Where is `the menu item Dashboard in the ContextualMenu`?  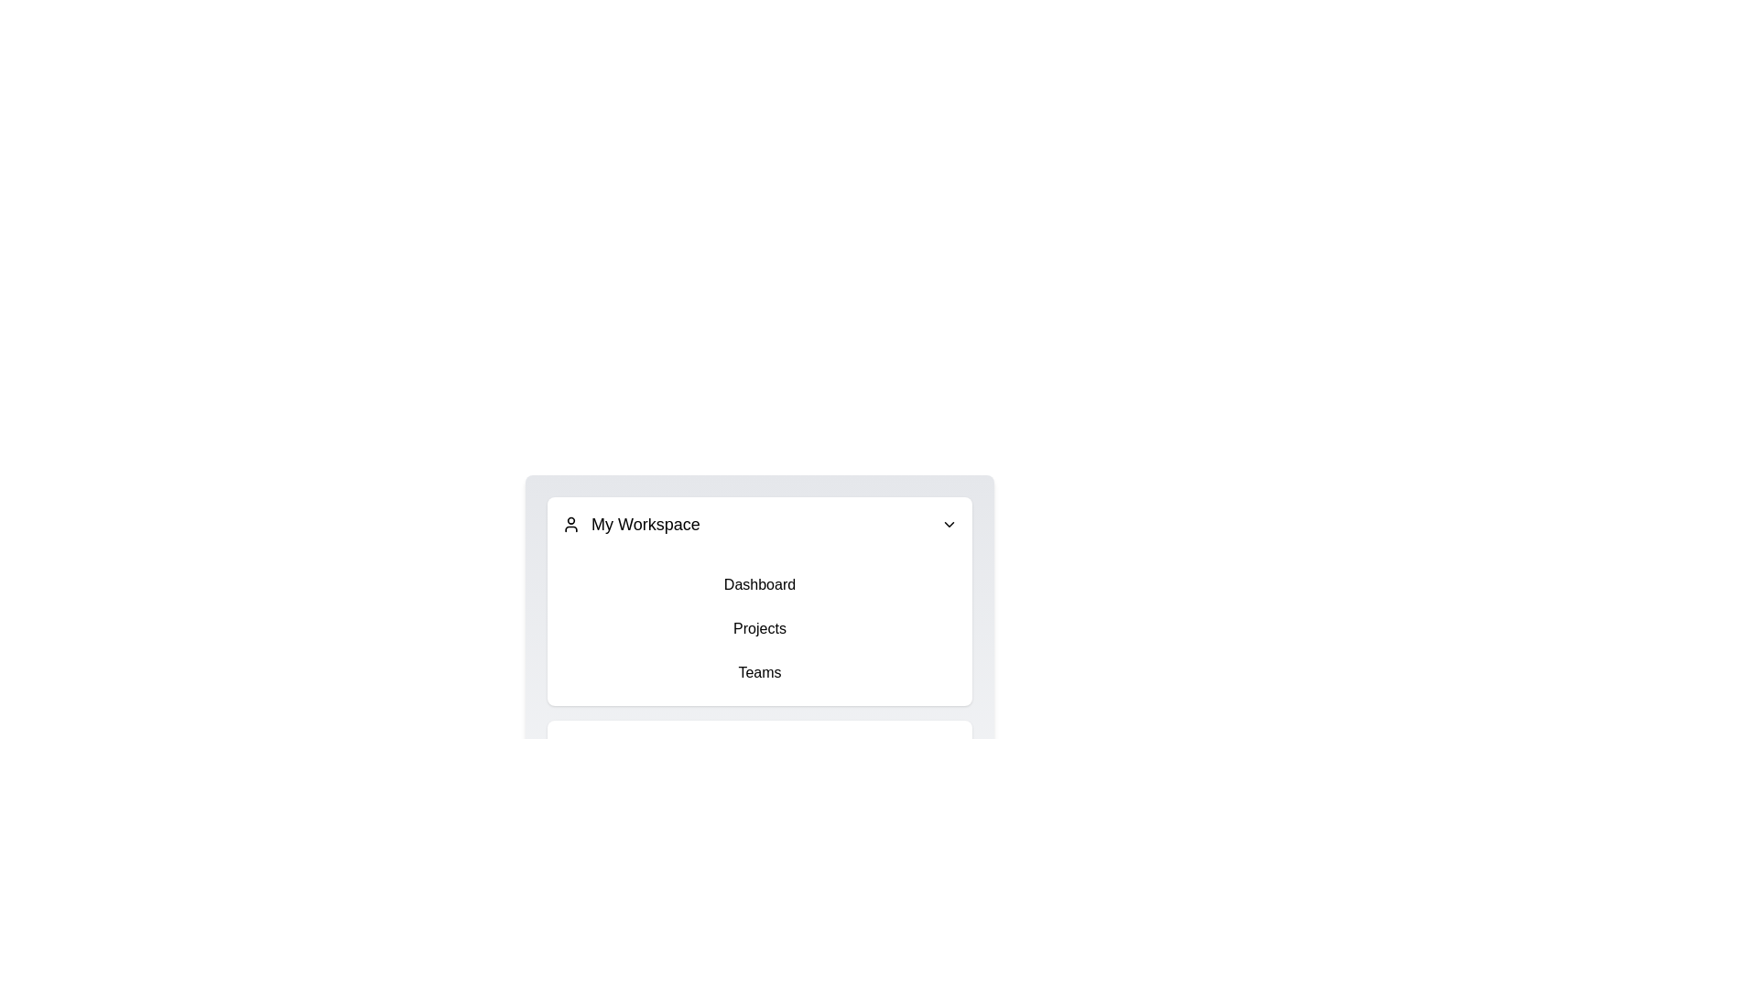 the menu item Dashboard in the ContextualMenu is located at coordinates (760, 585).